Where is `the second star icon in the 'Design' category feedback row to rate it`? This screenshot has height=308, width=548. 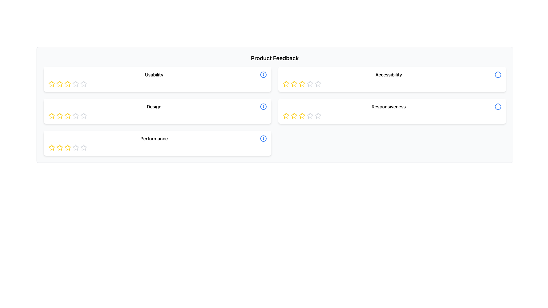
the second star icon in the 'Design' category feedback row to rate it is located at coordinates (67, 116).